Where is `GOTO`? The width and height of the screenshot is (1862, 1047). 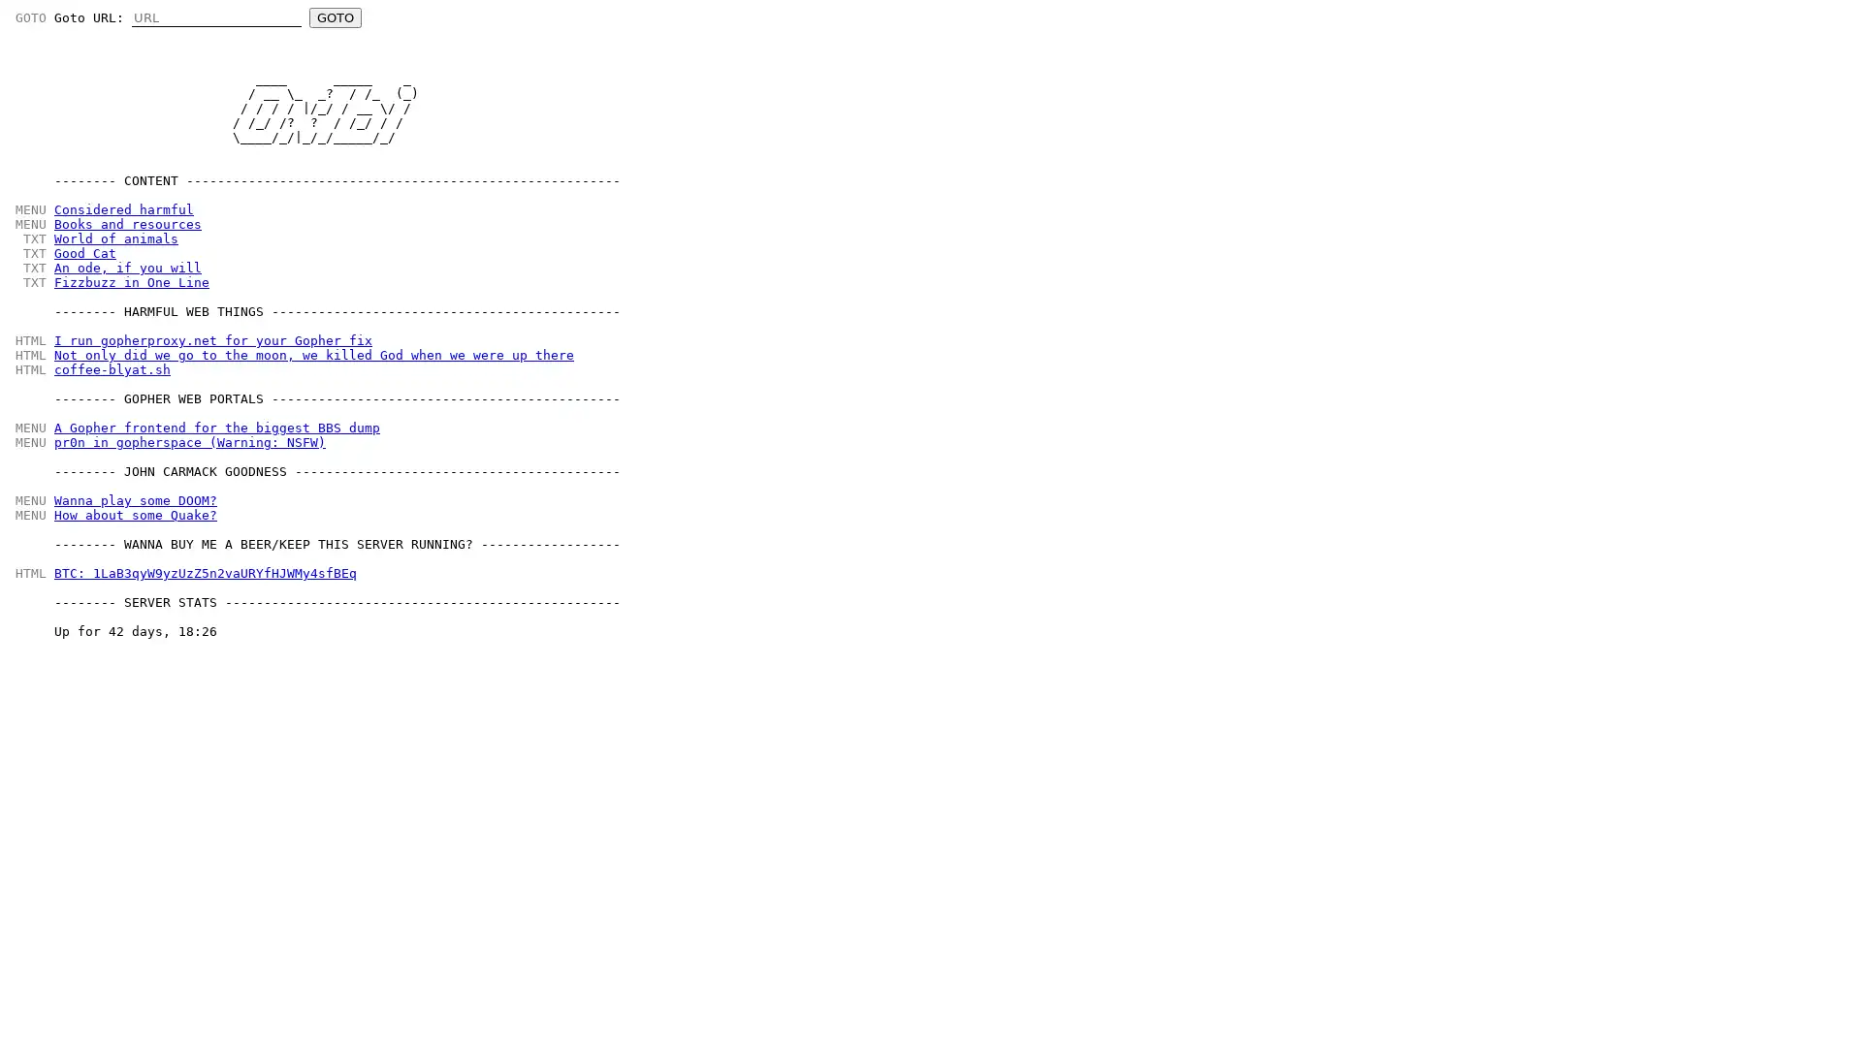 GOTO is located at coordinates (335, 17).